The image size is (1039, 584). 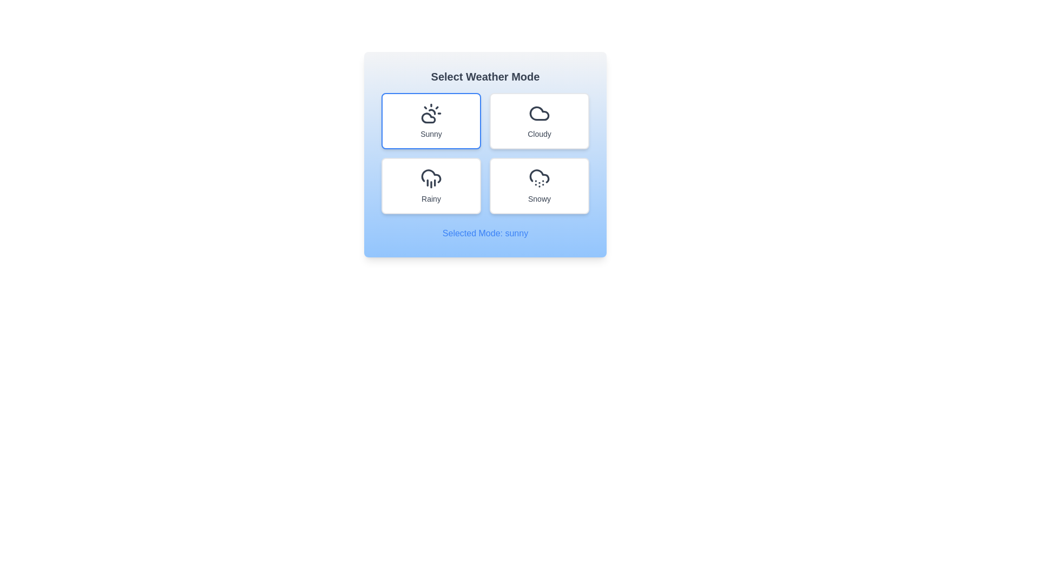 I want to click on the weather mode button labeled Snowy, so click(x=540, y=185).